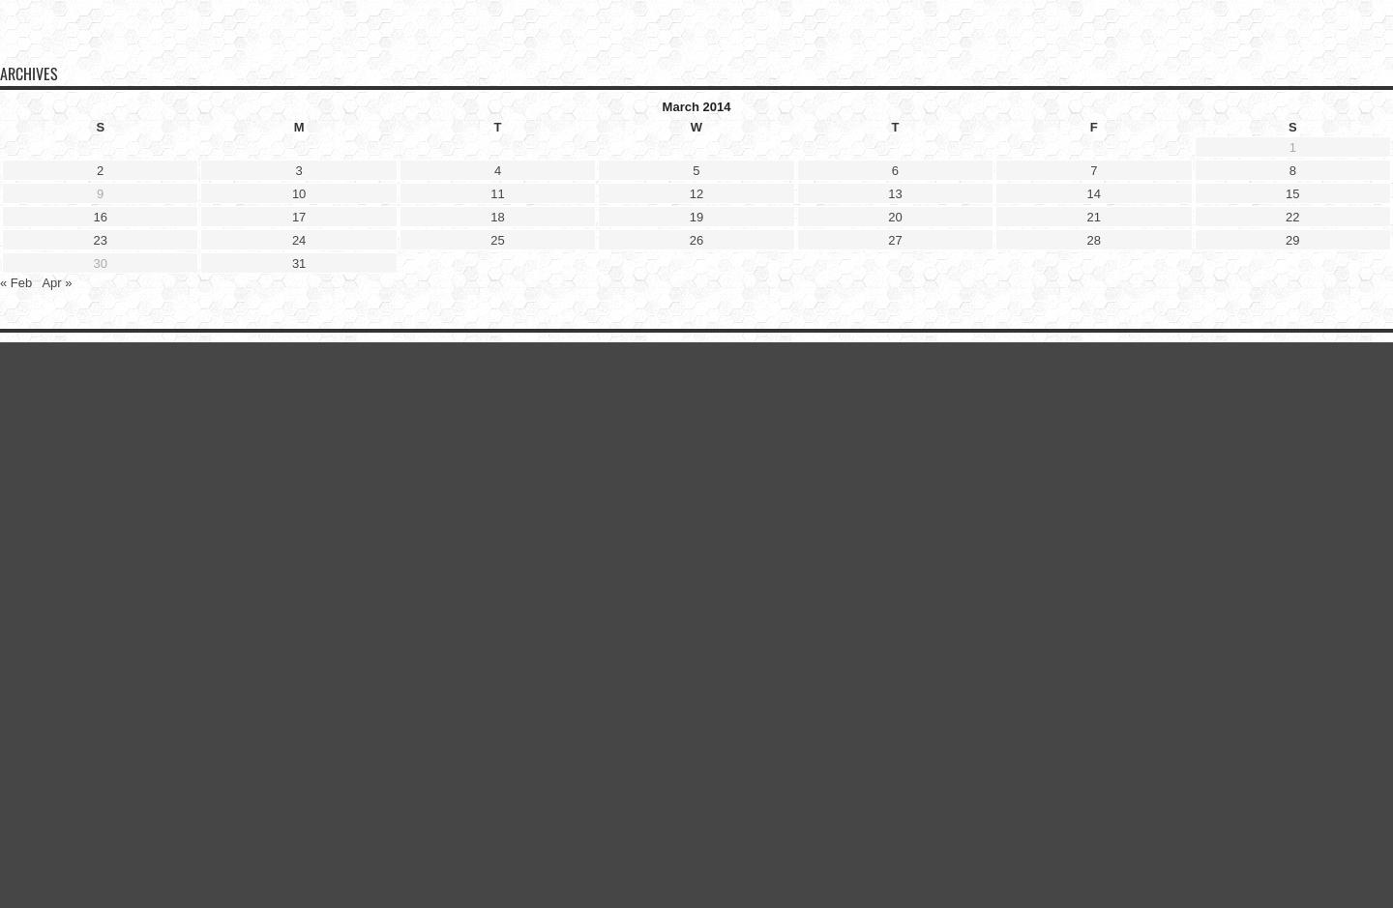 This screenshot has height=908, width=1393. I want to click on 'March 2014', so click(696, 104).